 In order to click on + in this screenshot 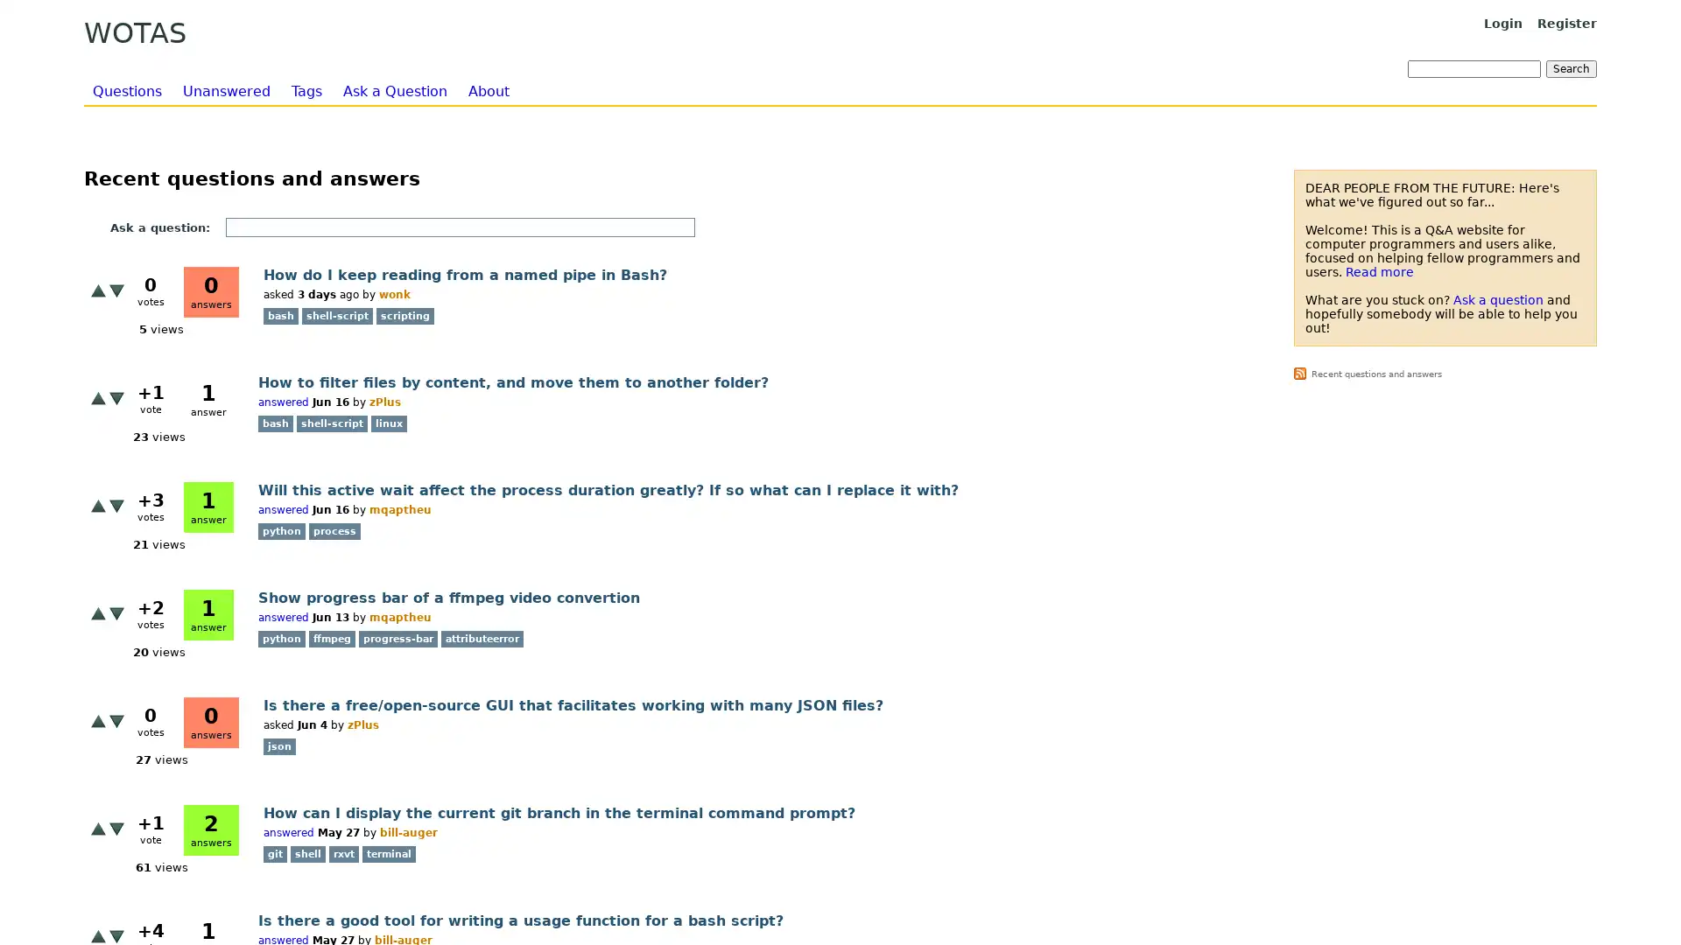, I will do `click(97, 290)`.